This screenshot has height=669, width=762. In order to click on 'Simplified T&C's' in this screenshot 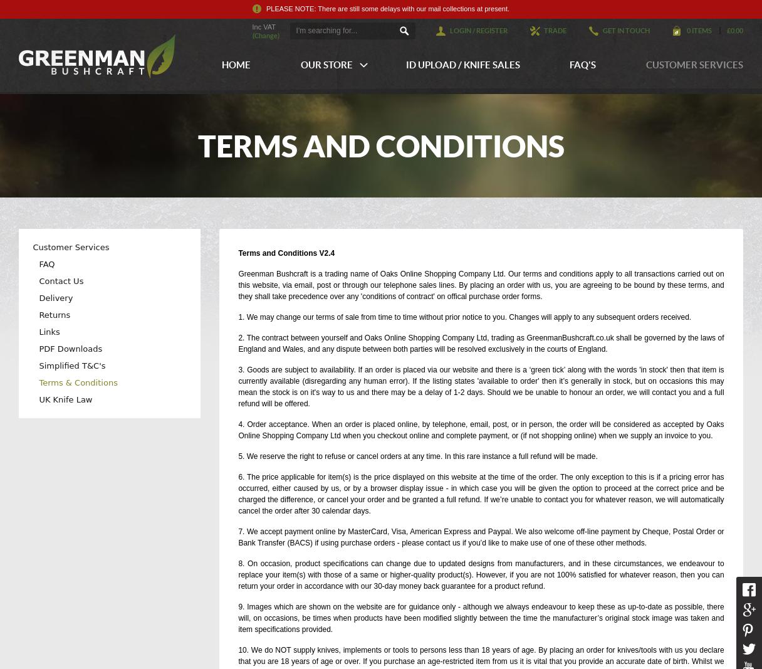, I will do `click(39, 366)`.